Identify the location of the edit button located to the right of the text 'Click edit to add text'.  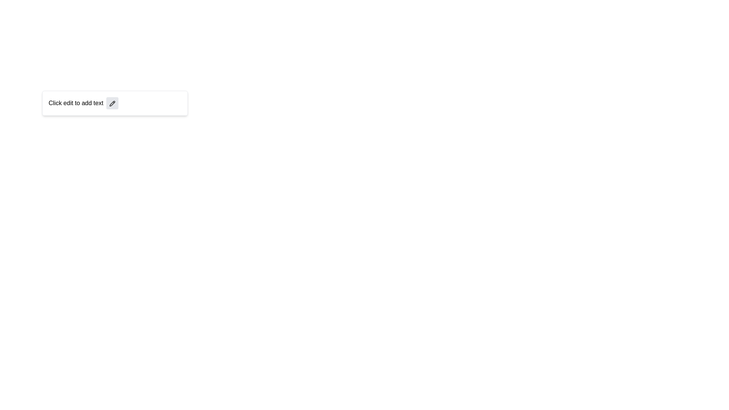
(112, 103).